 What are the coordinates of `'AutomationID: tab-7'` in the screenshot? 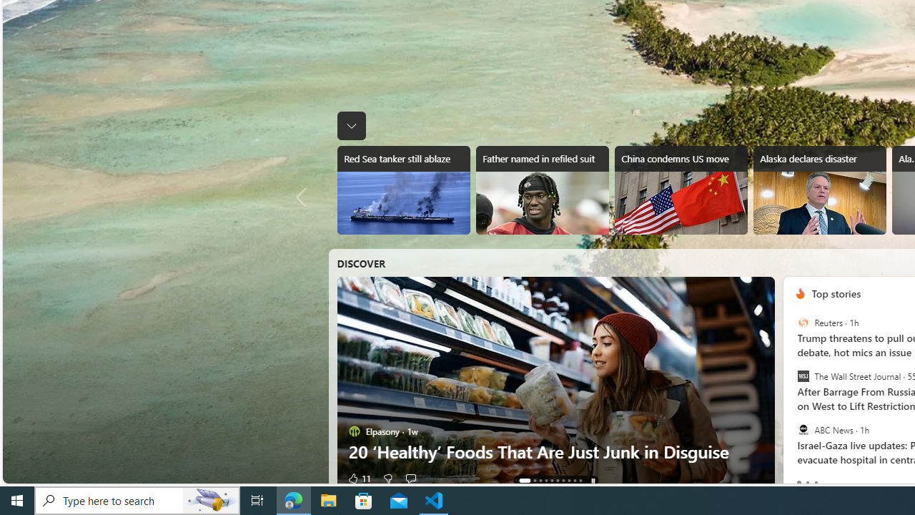 It's located at (568, 481).